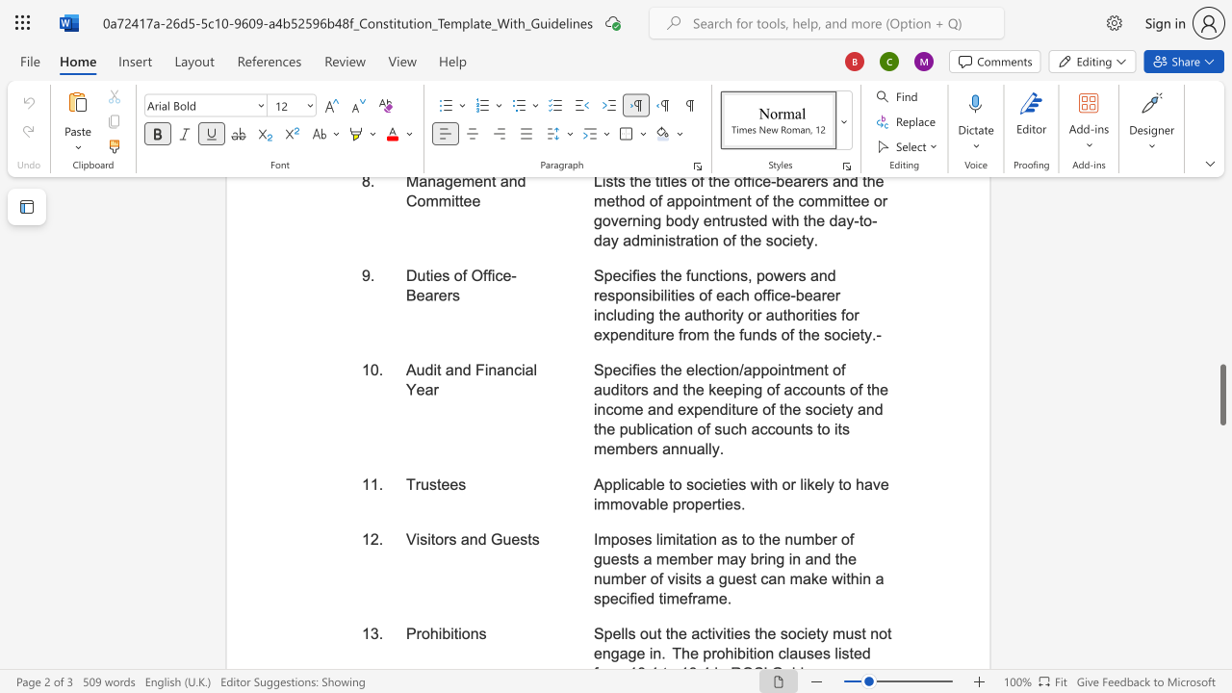  I want to click on the scrollbar to move the page up, so click(1221, 346).